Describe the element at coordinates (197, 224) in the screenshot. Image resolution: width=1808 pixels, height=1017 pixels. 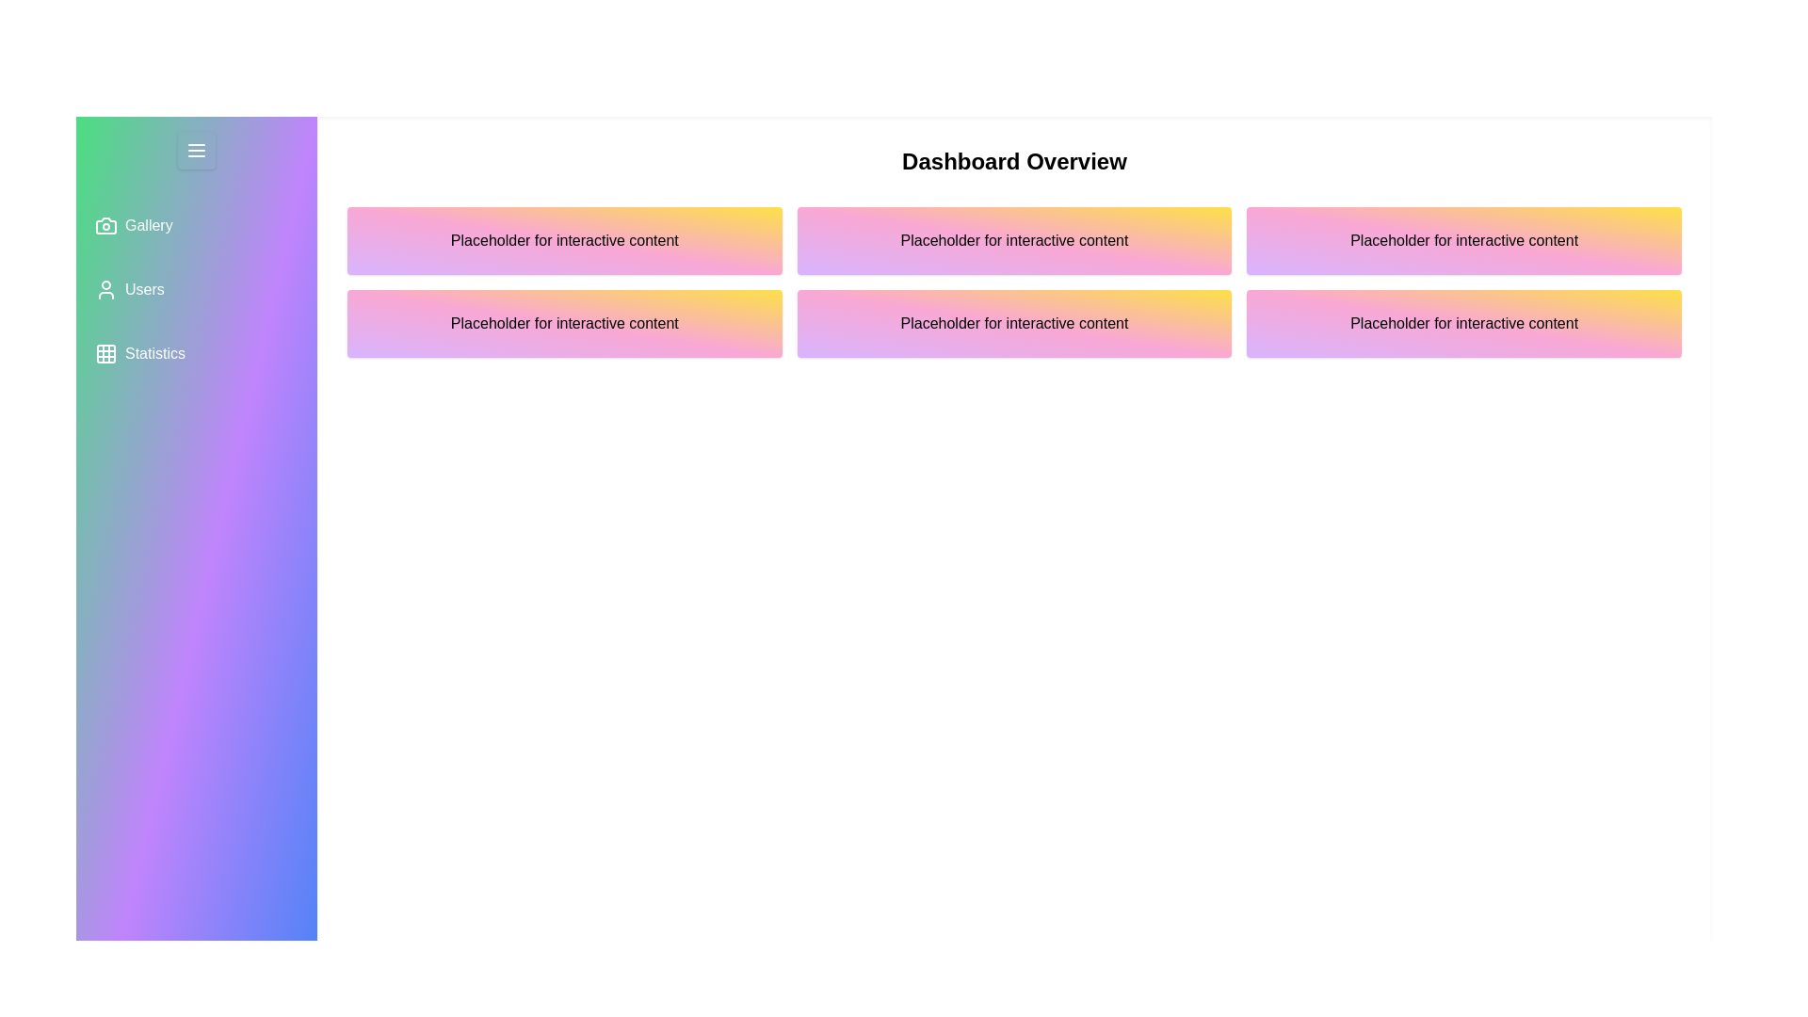
I see `the menu item labeled Gallery to navigate to the corresponding section` at that location.